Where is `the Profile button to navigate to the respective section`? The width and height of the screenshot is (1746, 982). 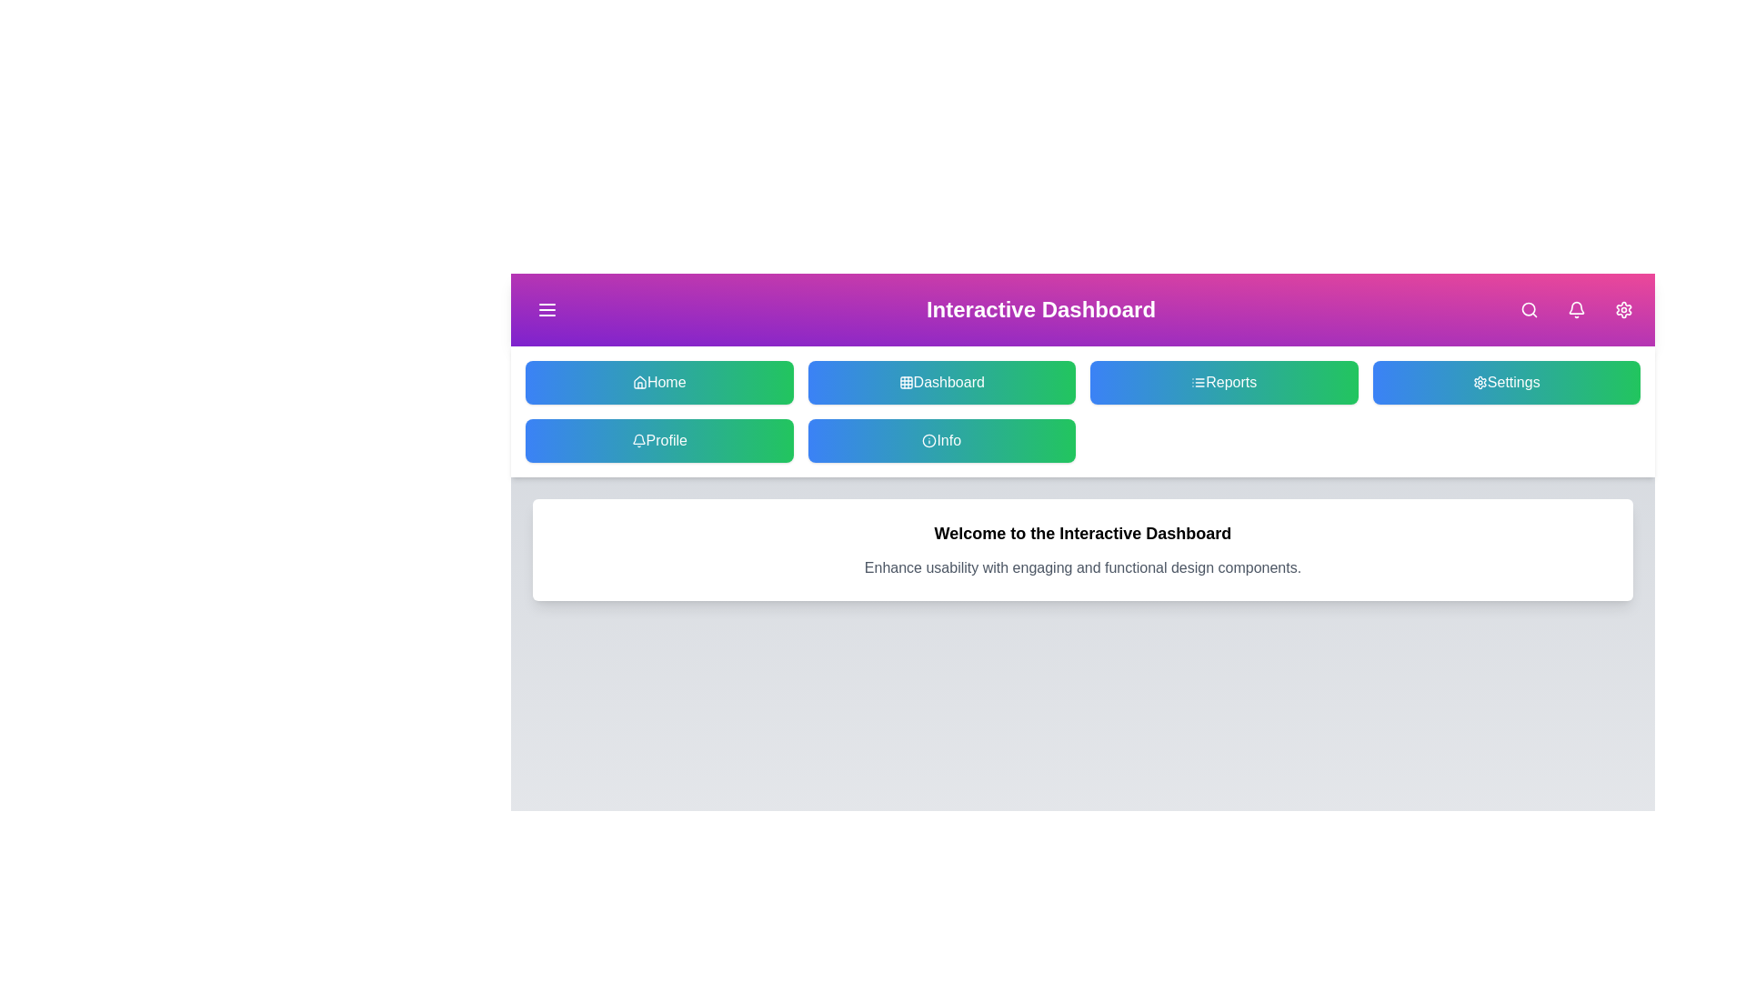 the Profile button to navigate to the respective section is located at coordinates (658, 441).